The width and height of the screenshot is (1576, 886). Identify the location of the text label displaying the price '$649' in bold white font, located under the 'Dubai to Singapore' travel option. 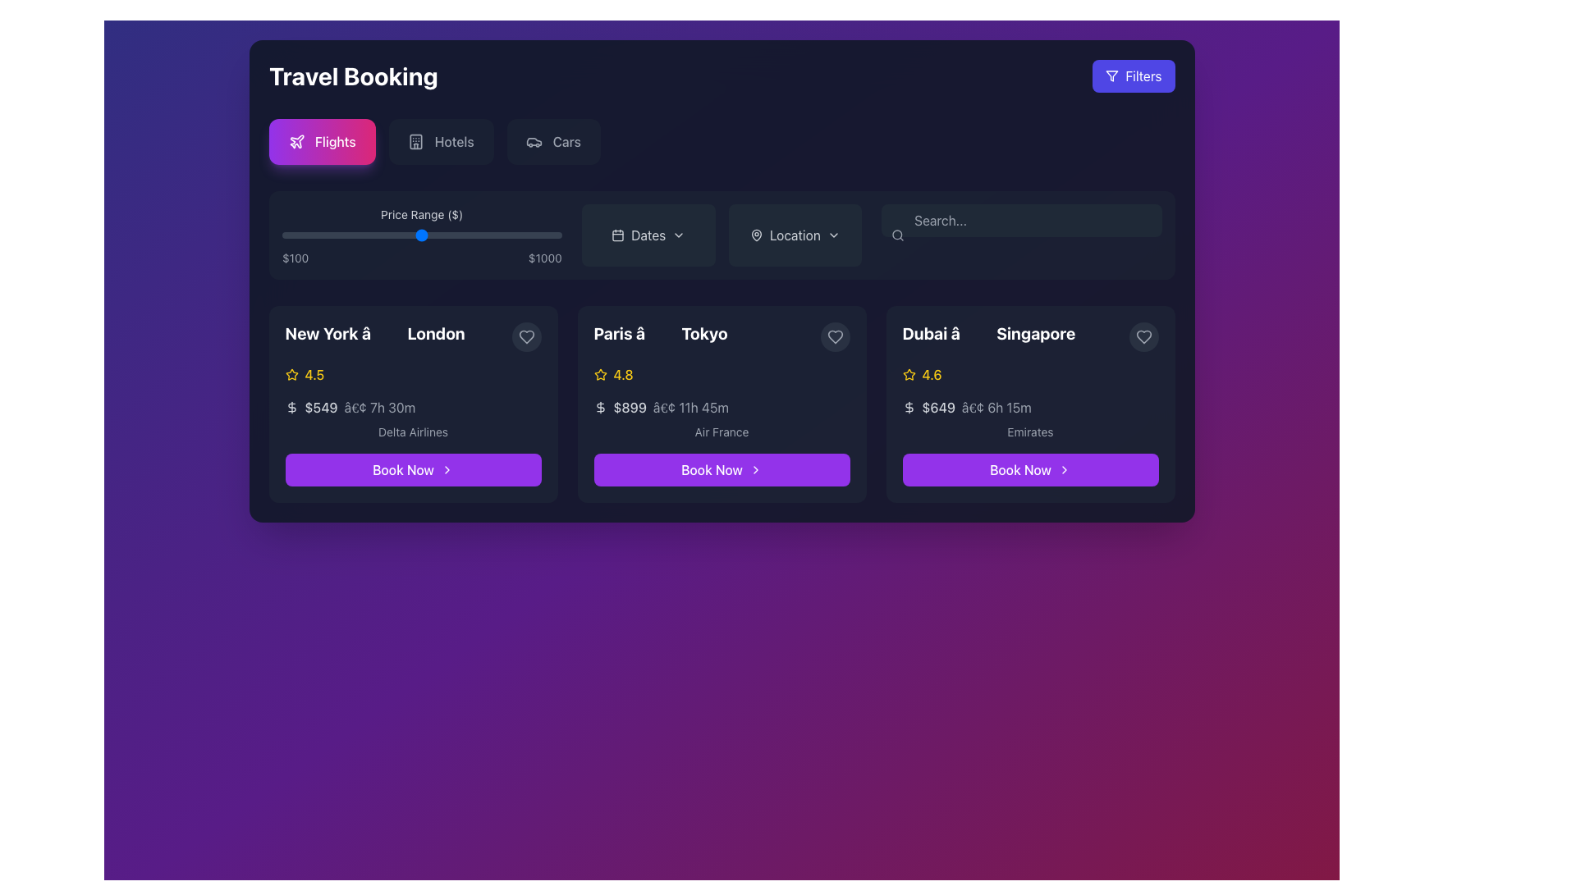
(938, 407).